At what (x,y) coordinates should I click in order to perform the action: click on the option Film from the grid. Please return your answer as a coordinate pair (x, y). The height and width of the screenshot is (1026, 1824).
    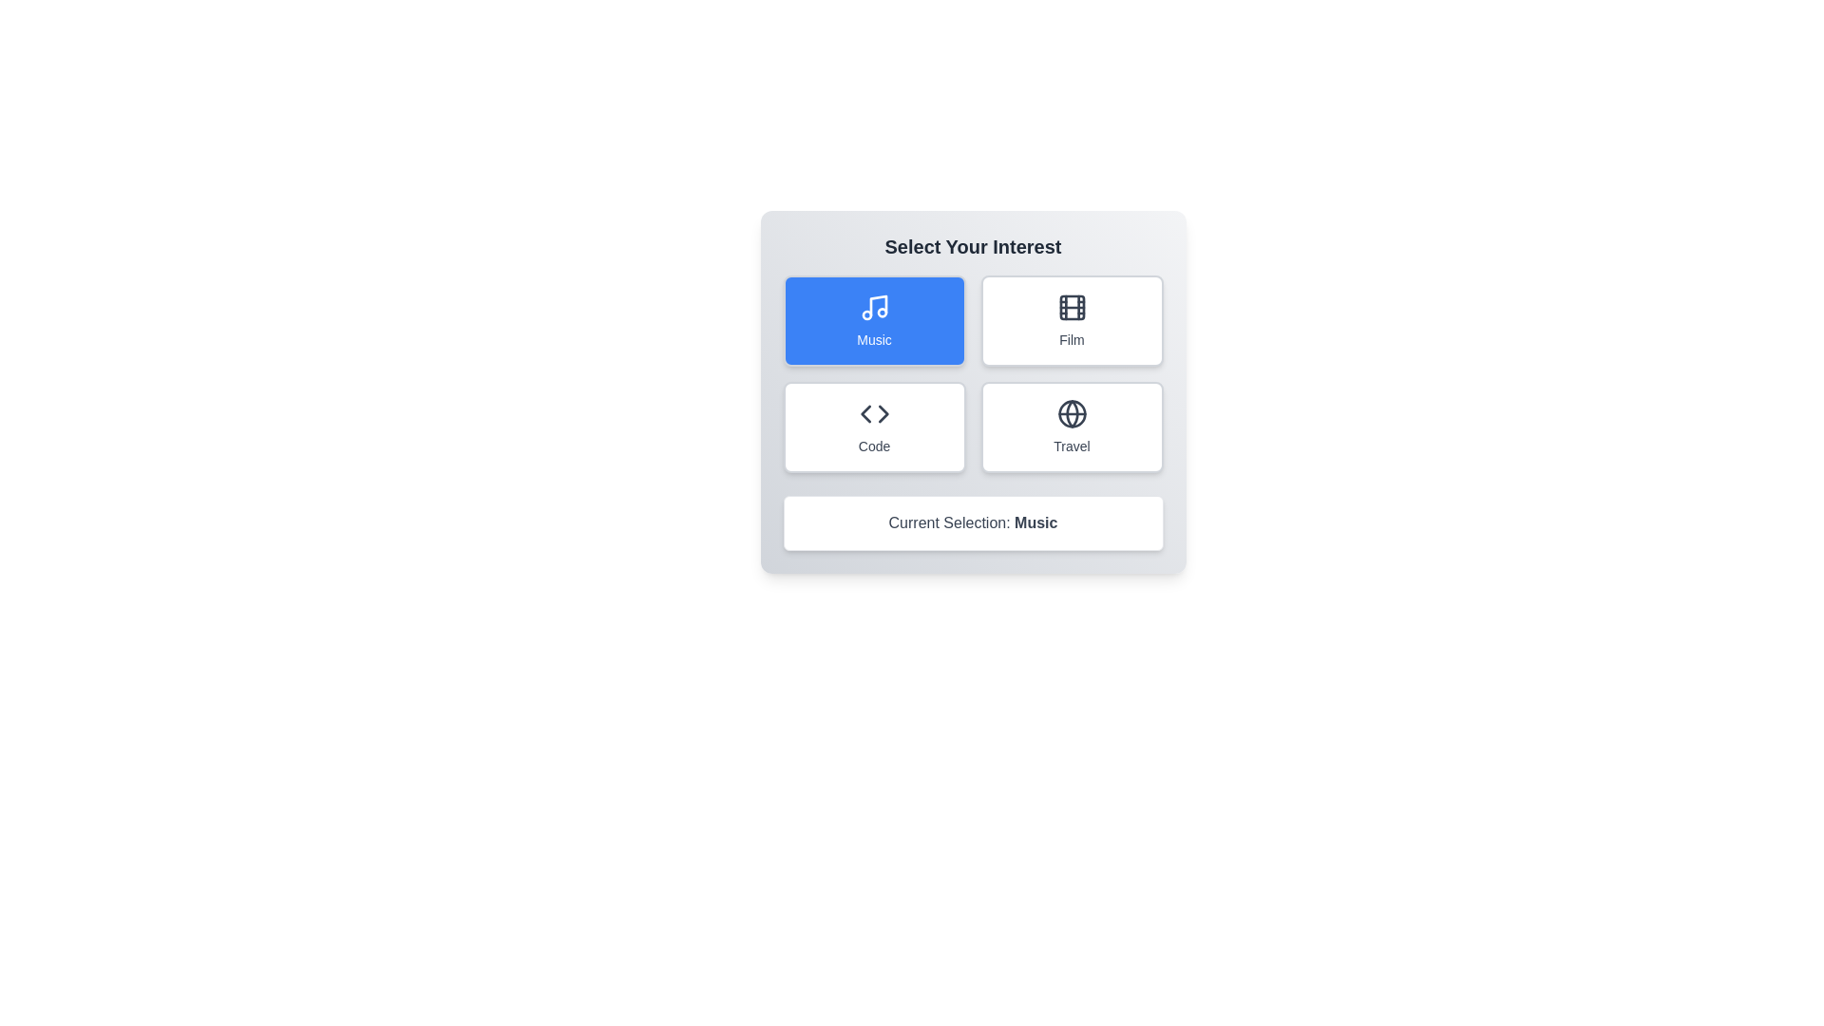
    Looking at the image, I should click on (1072, 320).